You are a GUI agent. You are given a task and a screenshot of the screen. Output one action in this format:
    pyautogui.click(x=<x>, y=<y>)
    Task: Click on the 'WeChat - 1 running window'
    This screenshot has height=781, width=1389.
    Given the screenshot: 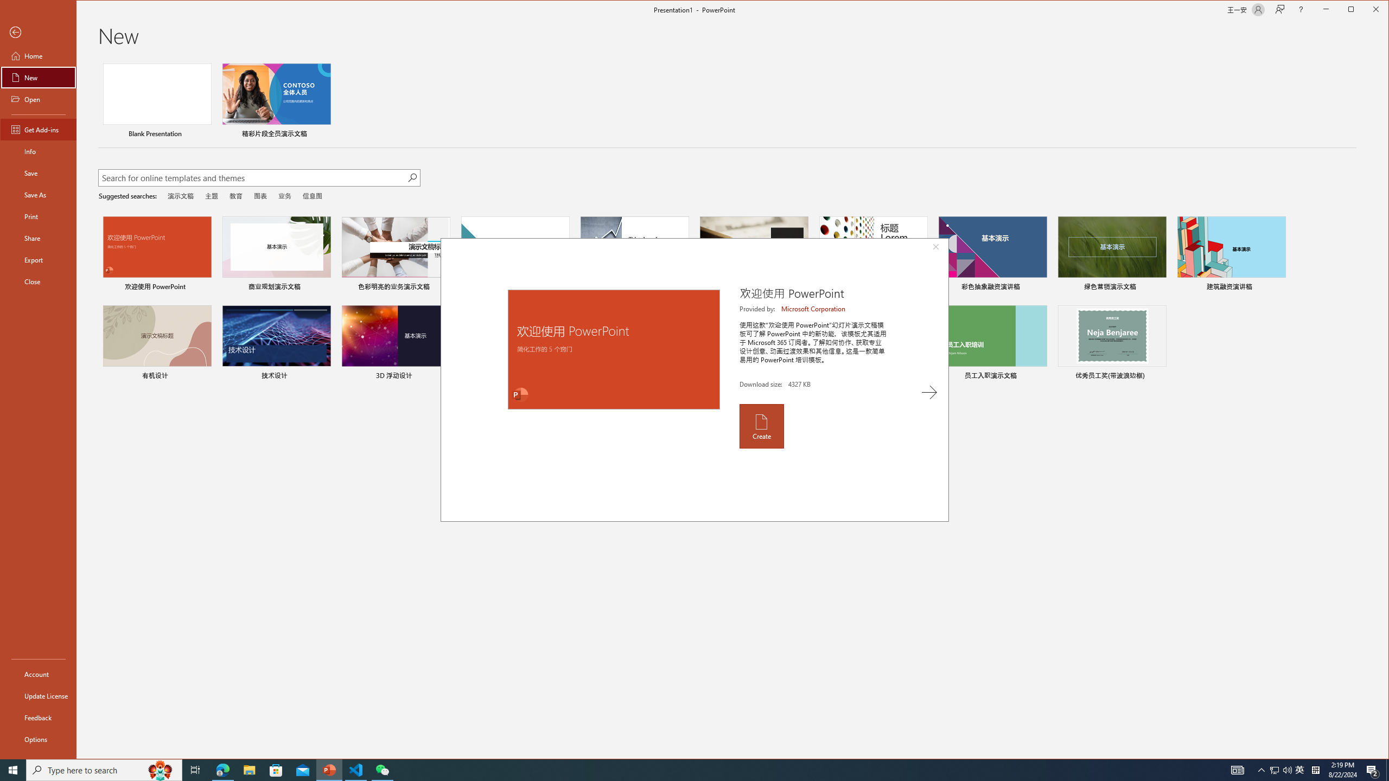 What is the action you would take?
    pyautogui.click(x=383, y=769)
    